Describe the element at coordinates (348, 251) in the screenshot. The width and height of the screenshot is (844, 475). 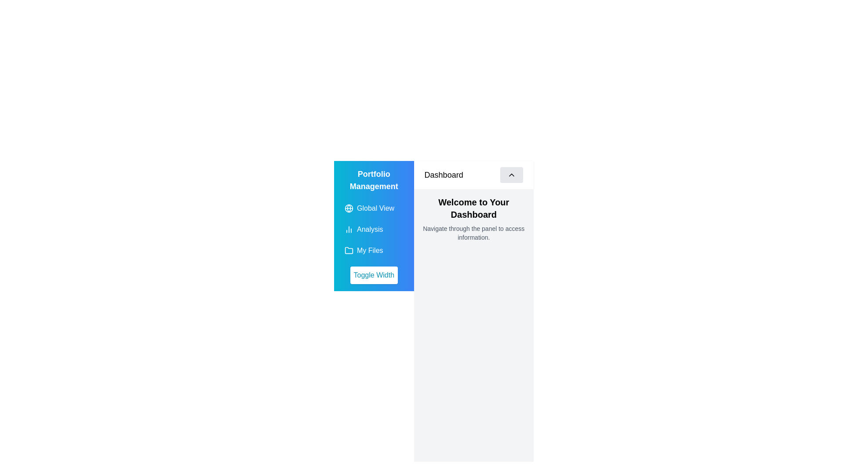
I see `the folder icon located in the sidebar, adjacent to the text 'My Files'` at that location.